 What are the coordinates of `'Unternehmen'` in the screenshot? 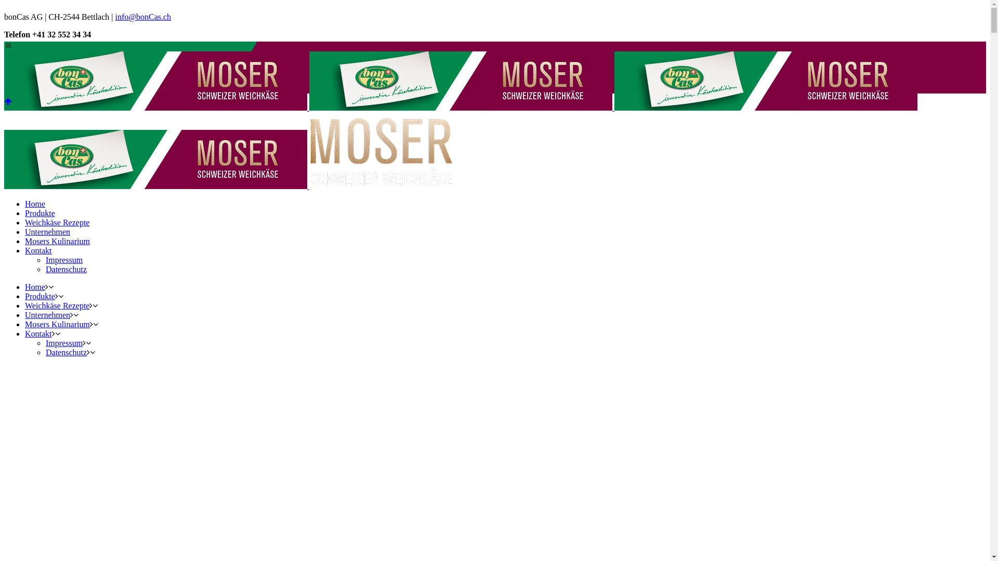 It's located at (47, 314).